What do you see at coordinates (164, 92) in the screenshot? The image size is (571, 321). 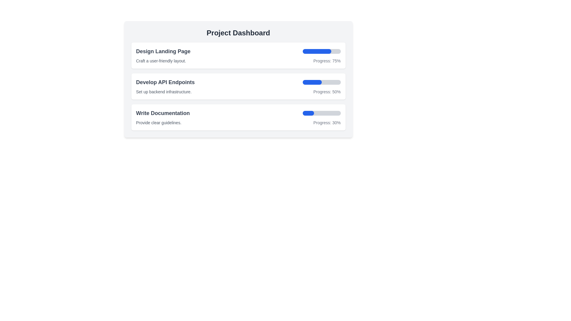 I see `text block providing additional details about the task 'Develop API Endpoints' located under the card titled 'Develop API Endpoints' in the 'Project Dashboard' section` at bounding box center [164, 92].